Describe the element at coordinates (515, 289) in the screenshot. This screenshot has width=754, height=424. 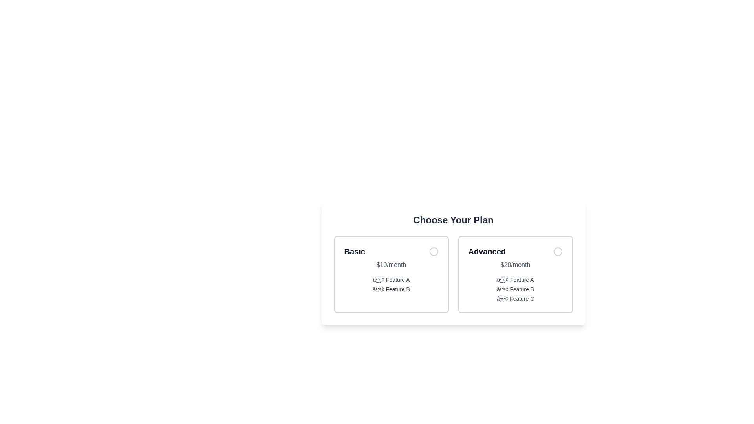
I see `the vertical text list containing bullet points labeled 'Feature A', 'Feature B', and 'Feature C', which is located within the 'Advanced $20/month' card, below the pricing text '$20/month'` at that location.